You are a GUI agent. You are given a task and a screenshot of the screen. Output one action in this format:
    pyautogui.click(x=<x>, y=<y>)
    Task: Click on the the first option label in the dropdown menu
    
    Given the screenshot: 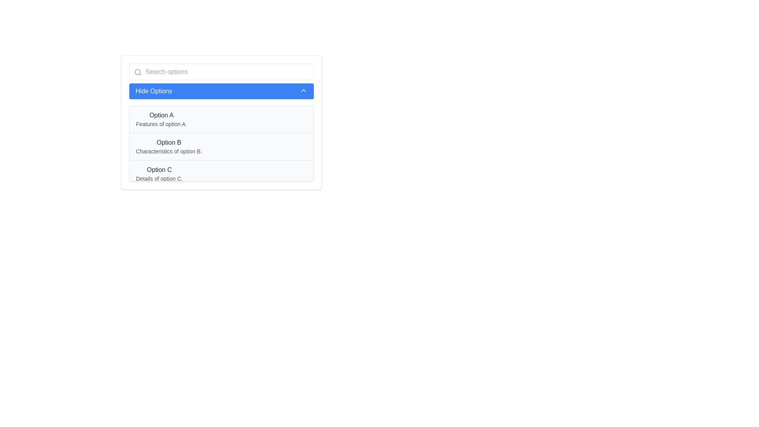 What is the action you would take?
    pyautogui.click(x=161, y=115)
    